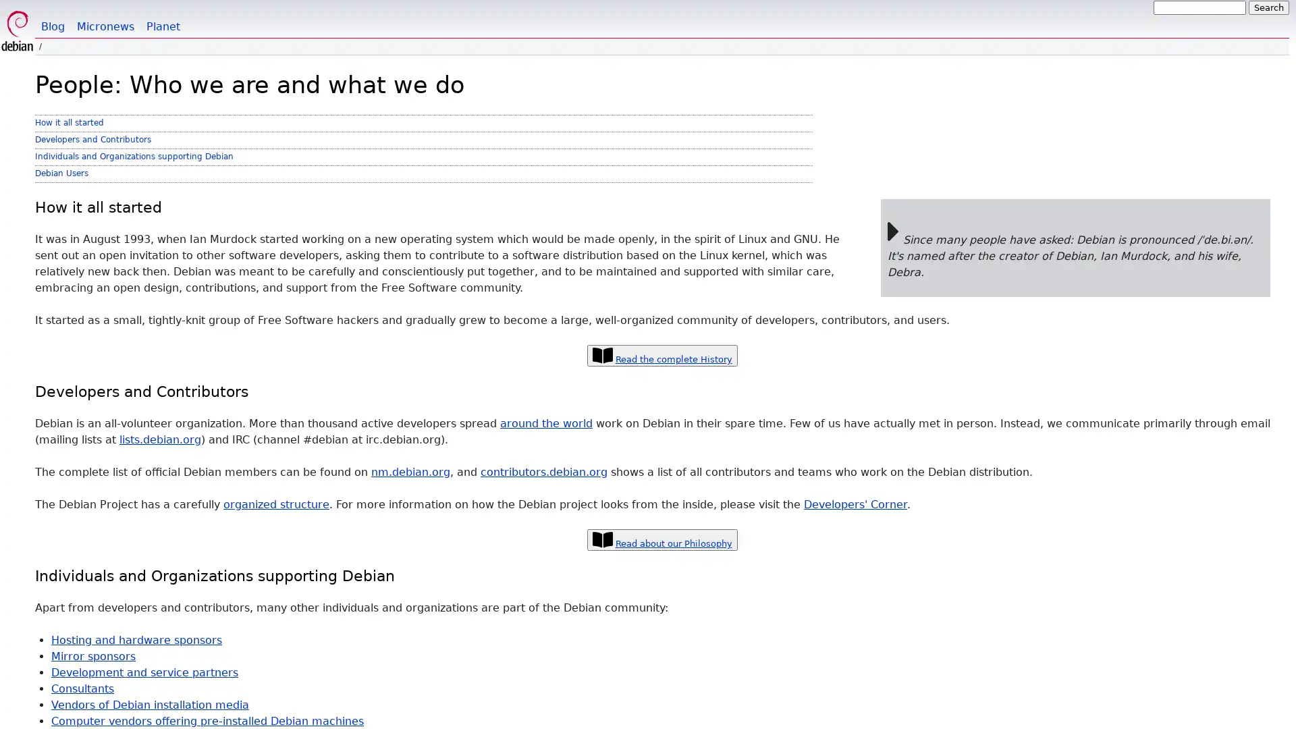 Image resolution: width=1296 pixels, height=729 pixels. I want to click on Search, so click(1268, 7).